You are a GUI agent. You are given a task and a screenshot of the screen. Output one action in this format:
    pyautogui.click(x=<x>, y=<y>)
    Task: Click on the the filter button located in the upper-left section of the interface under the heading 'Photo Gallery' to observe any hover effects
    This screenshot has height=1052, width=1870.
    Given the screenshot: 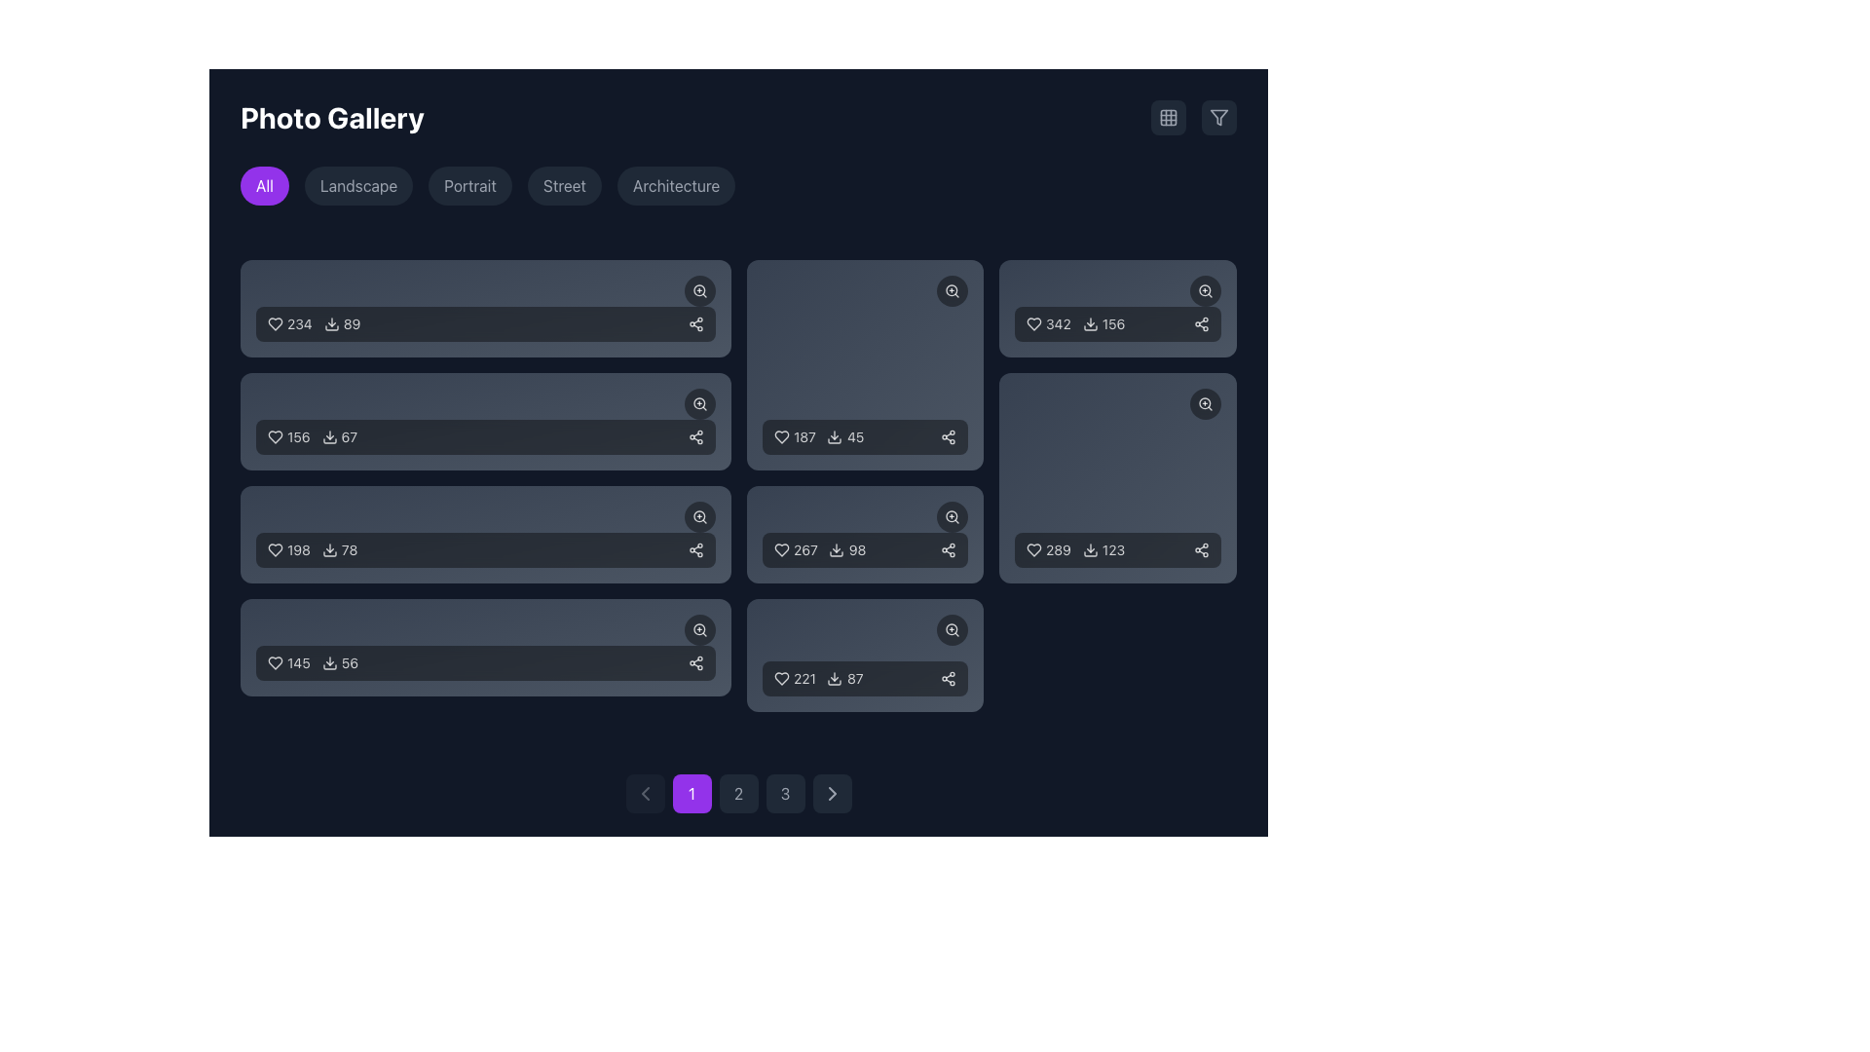 What is the action you would take?
    pyautogui.click(x=264, y=186)
    